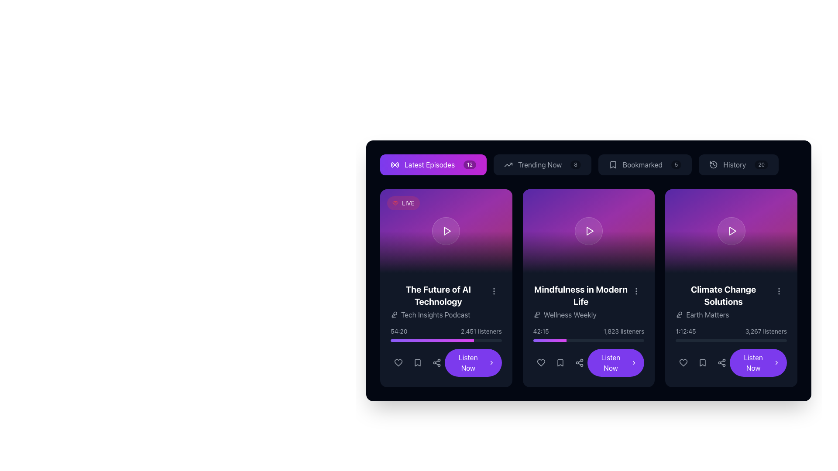 The image size is (838, 471). I want to click on the text label displaying '2,451 listeners' located in the bottom-right corner of the first card, adjacent to the playback time '54:20', so click(481, 331).